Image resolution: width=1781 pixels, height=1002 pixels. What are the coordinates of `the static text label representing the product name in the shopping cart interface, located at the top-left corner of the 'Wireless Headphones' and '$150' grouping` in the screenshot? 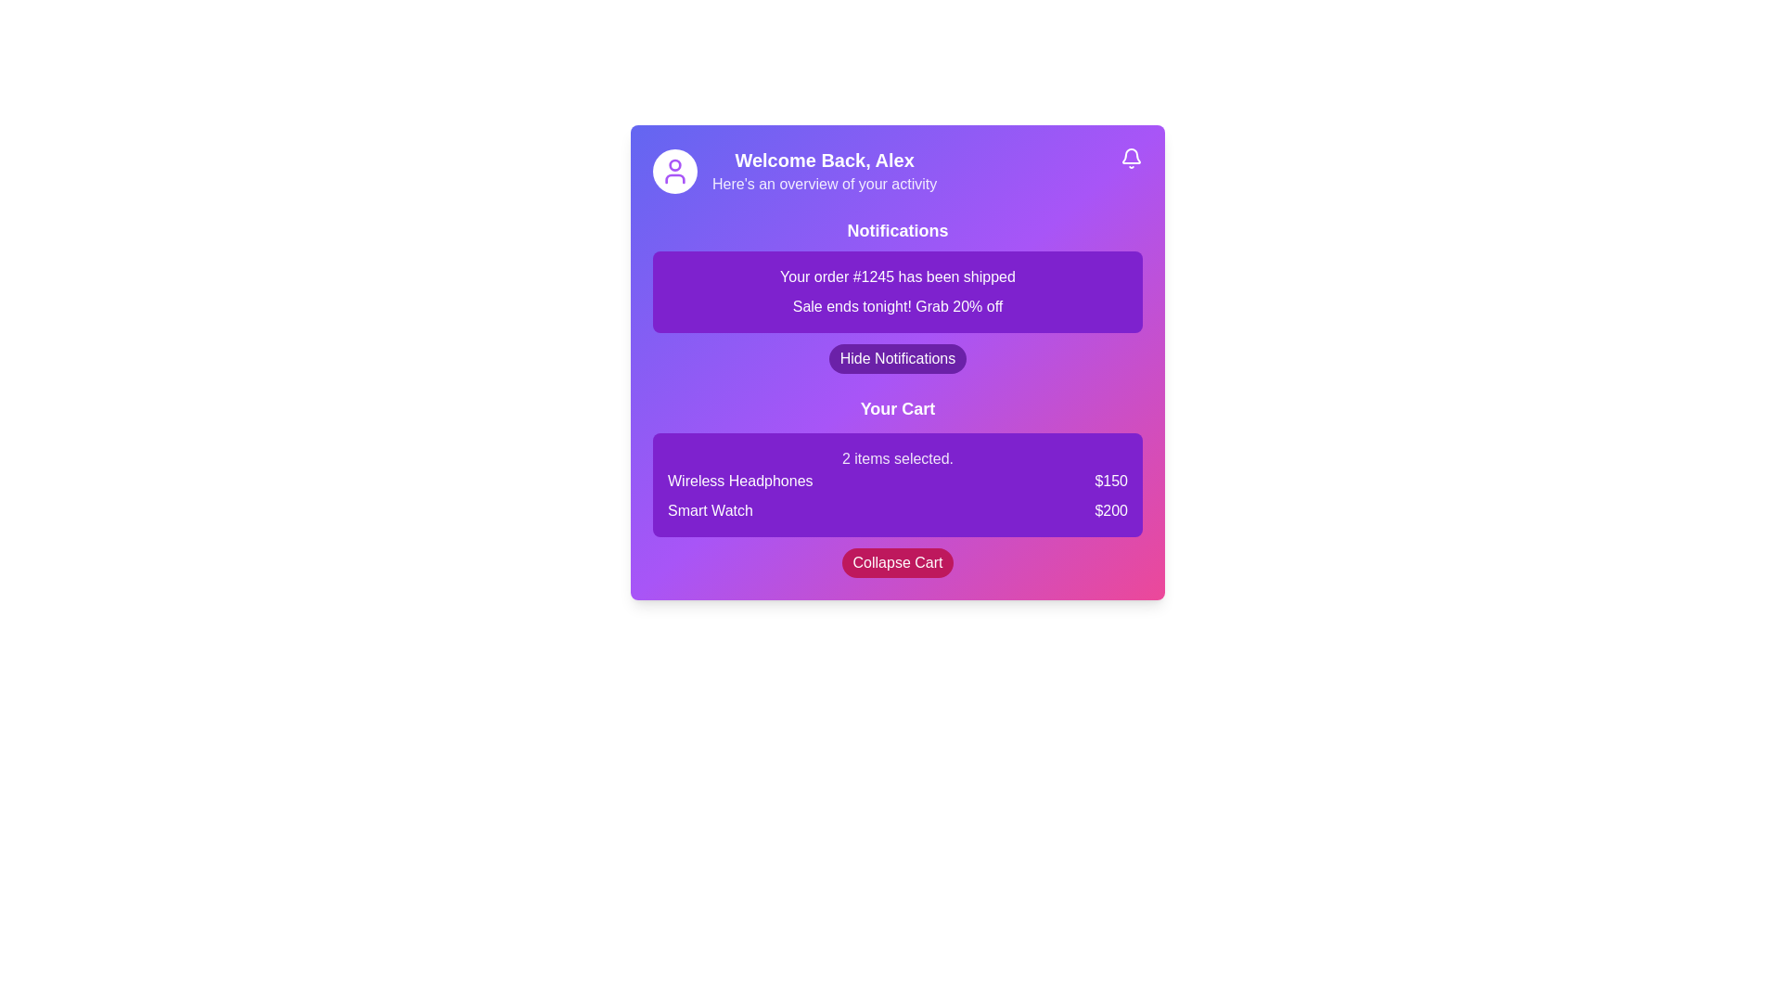 It's located at (739, 481).